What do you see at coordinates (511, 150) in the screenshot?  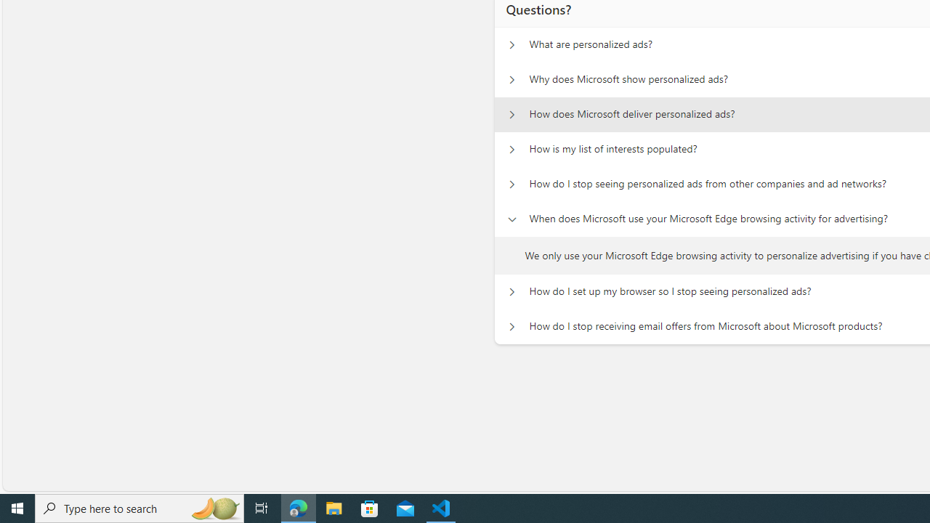 I see `'Questions? How is my list of interests populated?'` at bounding box center [511, 150].